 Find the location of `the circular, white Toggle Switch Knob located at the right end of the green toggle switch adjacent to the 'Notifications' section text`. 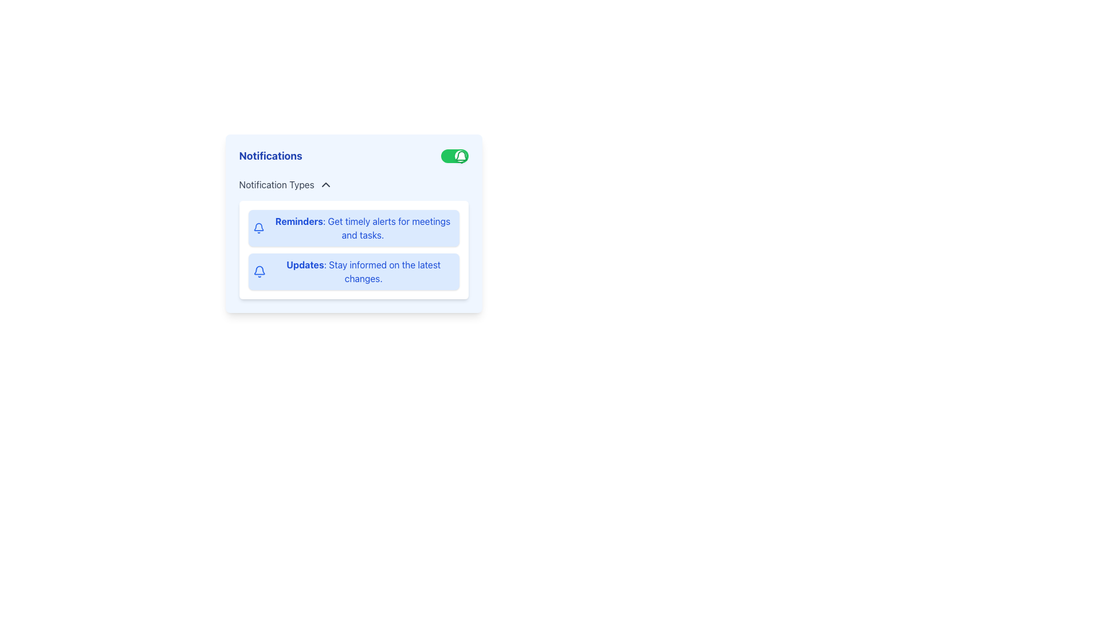

the circular, white Toggle Switch Knob located at the right end of the green toggle switch adjacent to the 'Notifications' section text is located at coordinates (460, 156).